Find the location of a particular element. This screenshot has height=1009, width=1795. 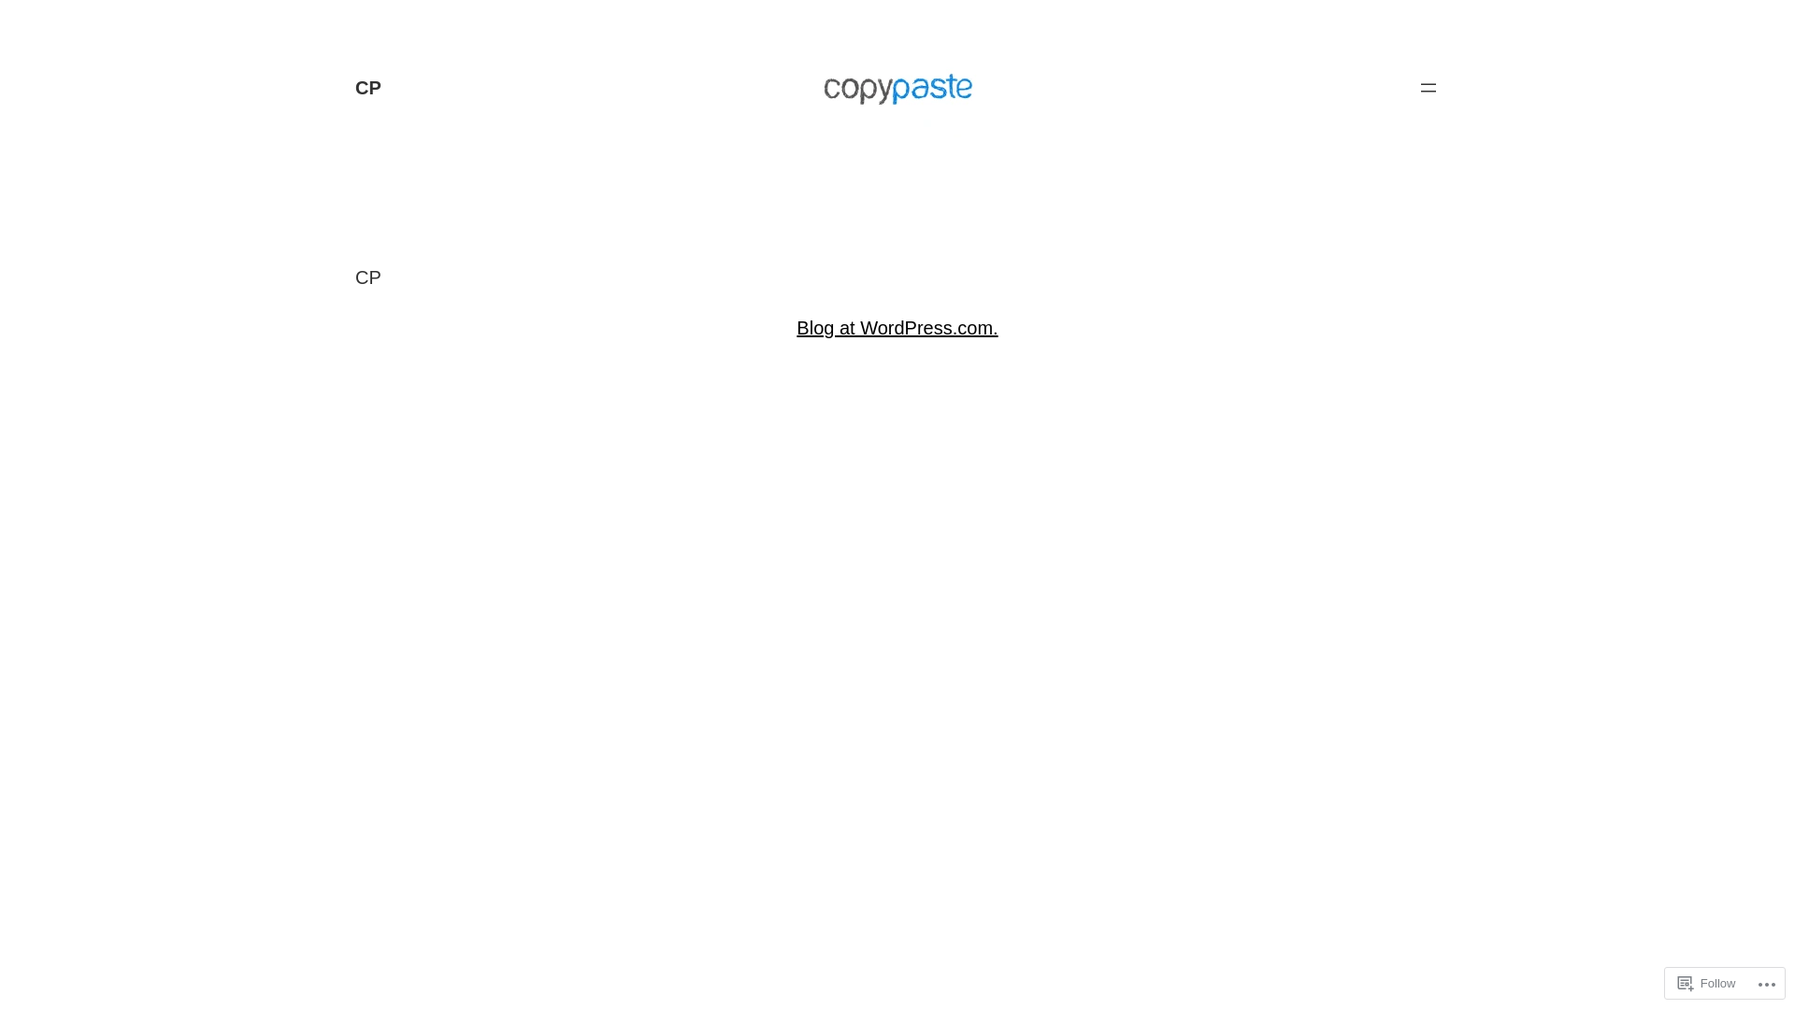

'CP' is located at coordinates (367, 86).